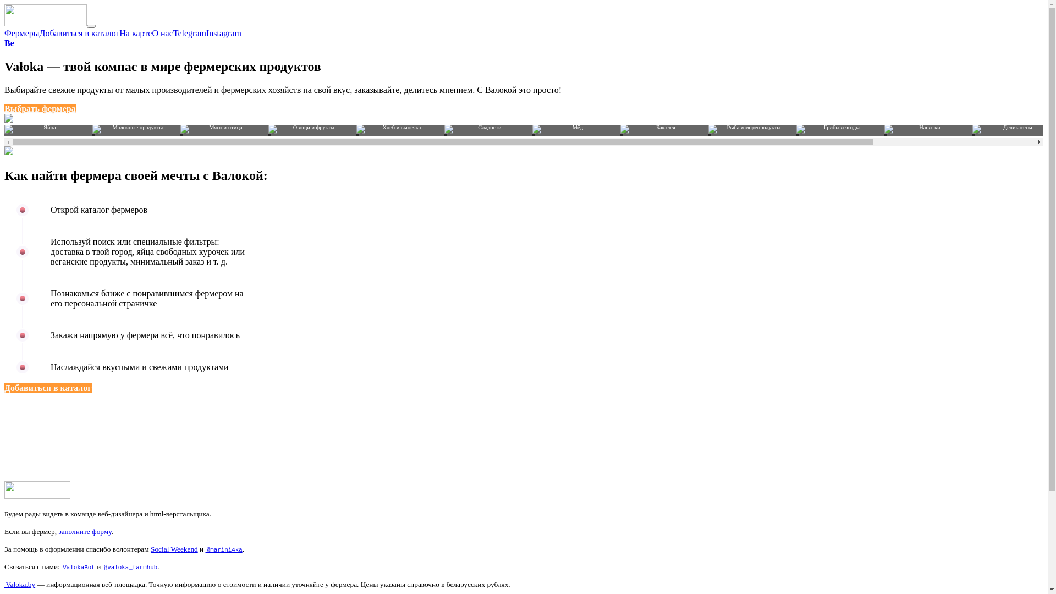 This screenshot has height=594, width=1056. Describe the element at coordinates (173, 32) in the screenshot. I see `'Telegram'` at that location.